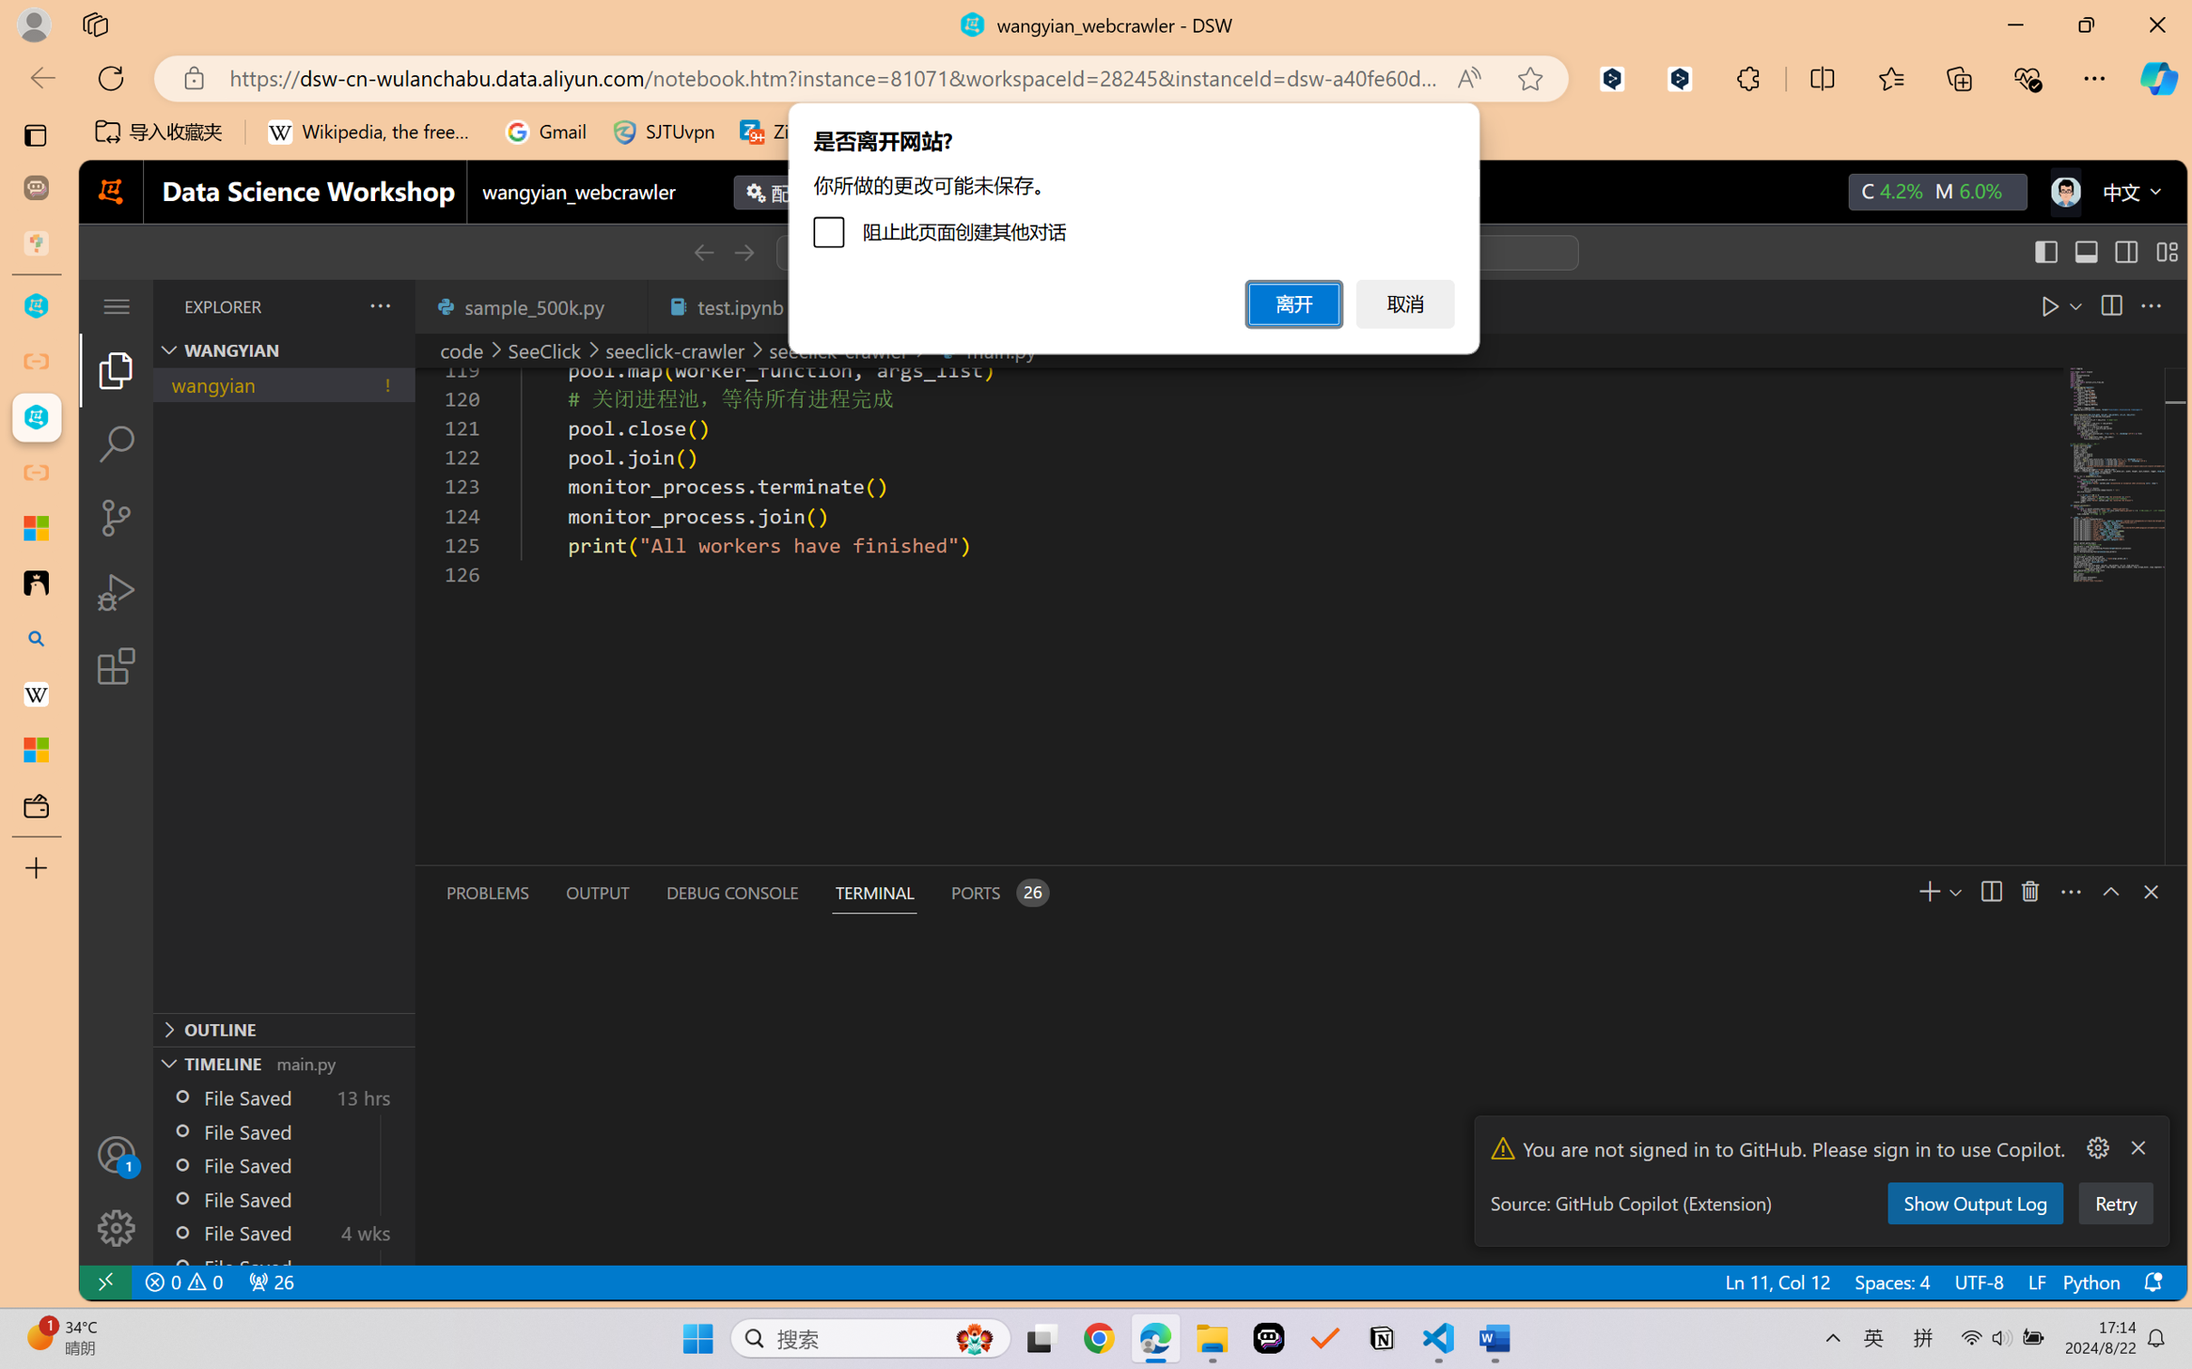 The height and width of the screenshot is (1369, 2192). Describe the element at coordinates (873, 893) in the screenshot. I see `'Terminal (Ctrl+`)'` at that location.